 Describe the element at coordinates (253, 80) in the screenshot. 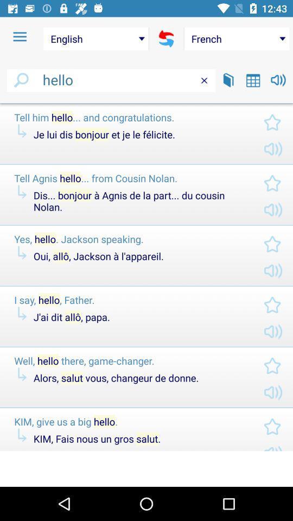

I see `switch to calendar view` at that location.